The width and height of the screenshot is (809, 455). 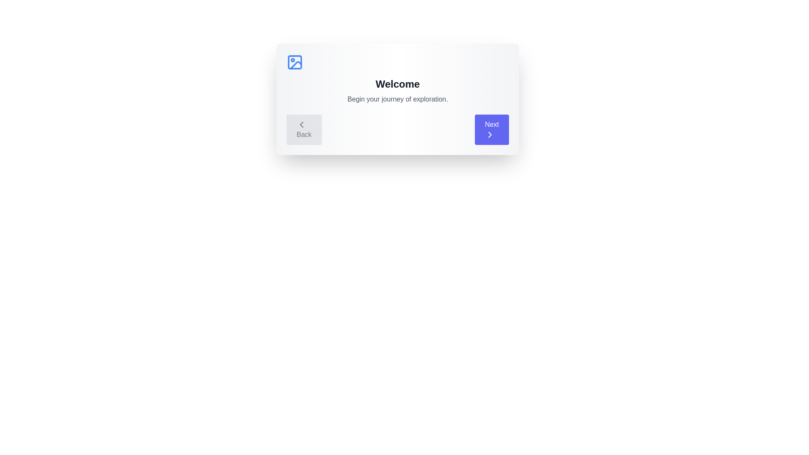 I want to click on the 'Next' button to proceed to the next step in the tour, so click(x=491, y=130).